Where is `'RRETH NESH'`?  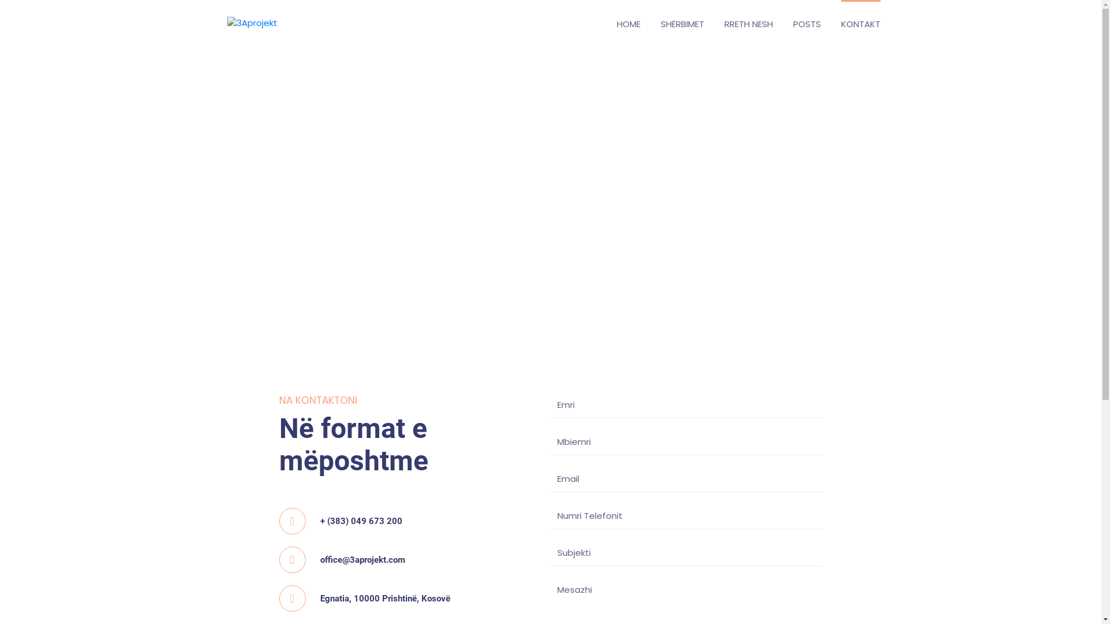
'RRETH NESH' is located at coordinates (748, 23).